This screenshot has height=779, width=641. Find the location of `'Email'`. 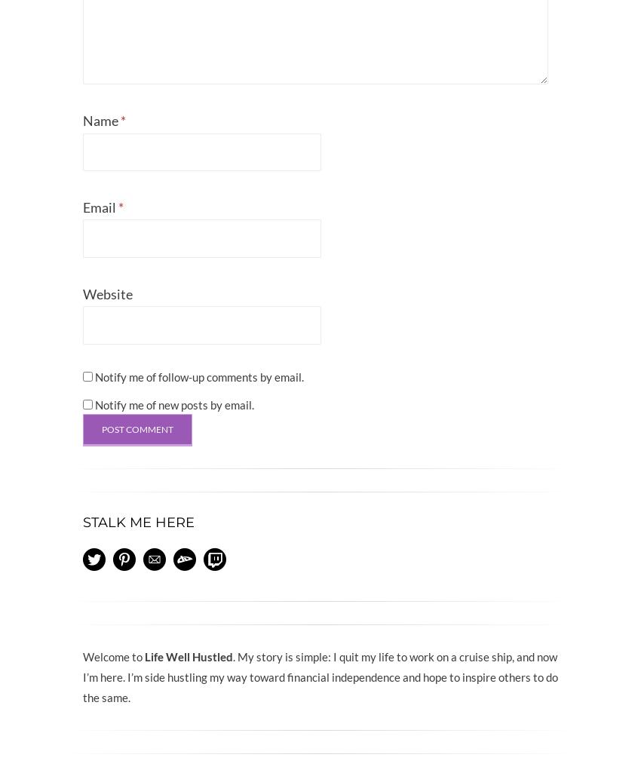

'Email' is located at coordinates (100, 205).